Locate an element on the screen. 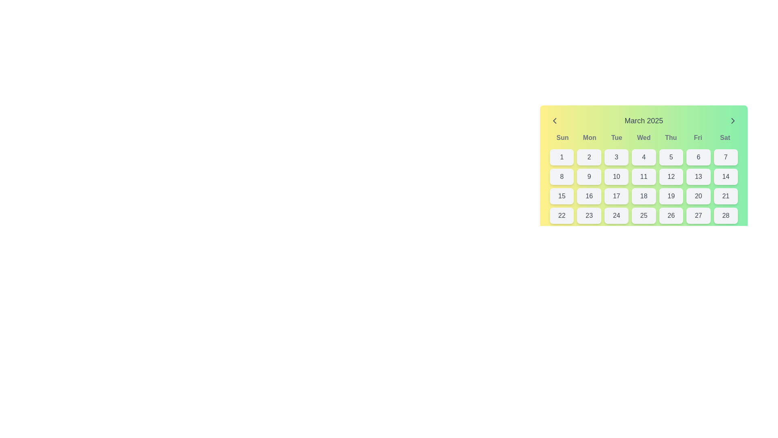 Image resolution: width=778 pixels, height=438 pixels. the calendar button representing the third day of the month is located at coordinates (616, 157).